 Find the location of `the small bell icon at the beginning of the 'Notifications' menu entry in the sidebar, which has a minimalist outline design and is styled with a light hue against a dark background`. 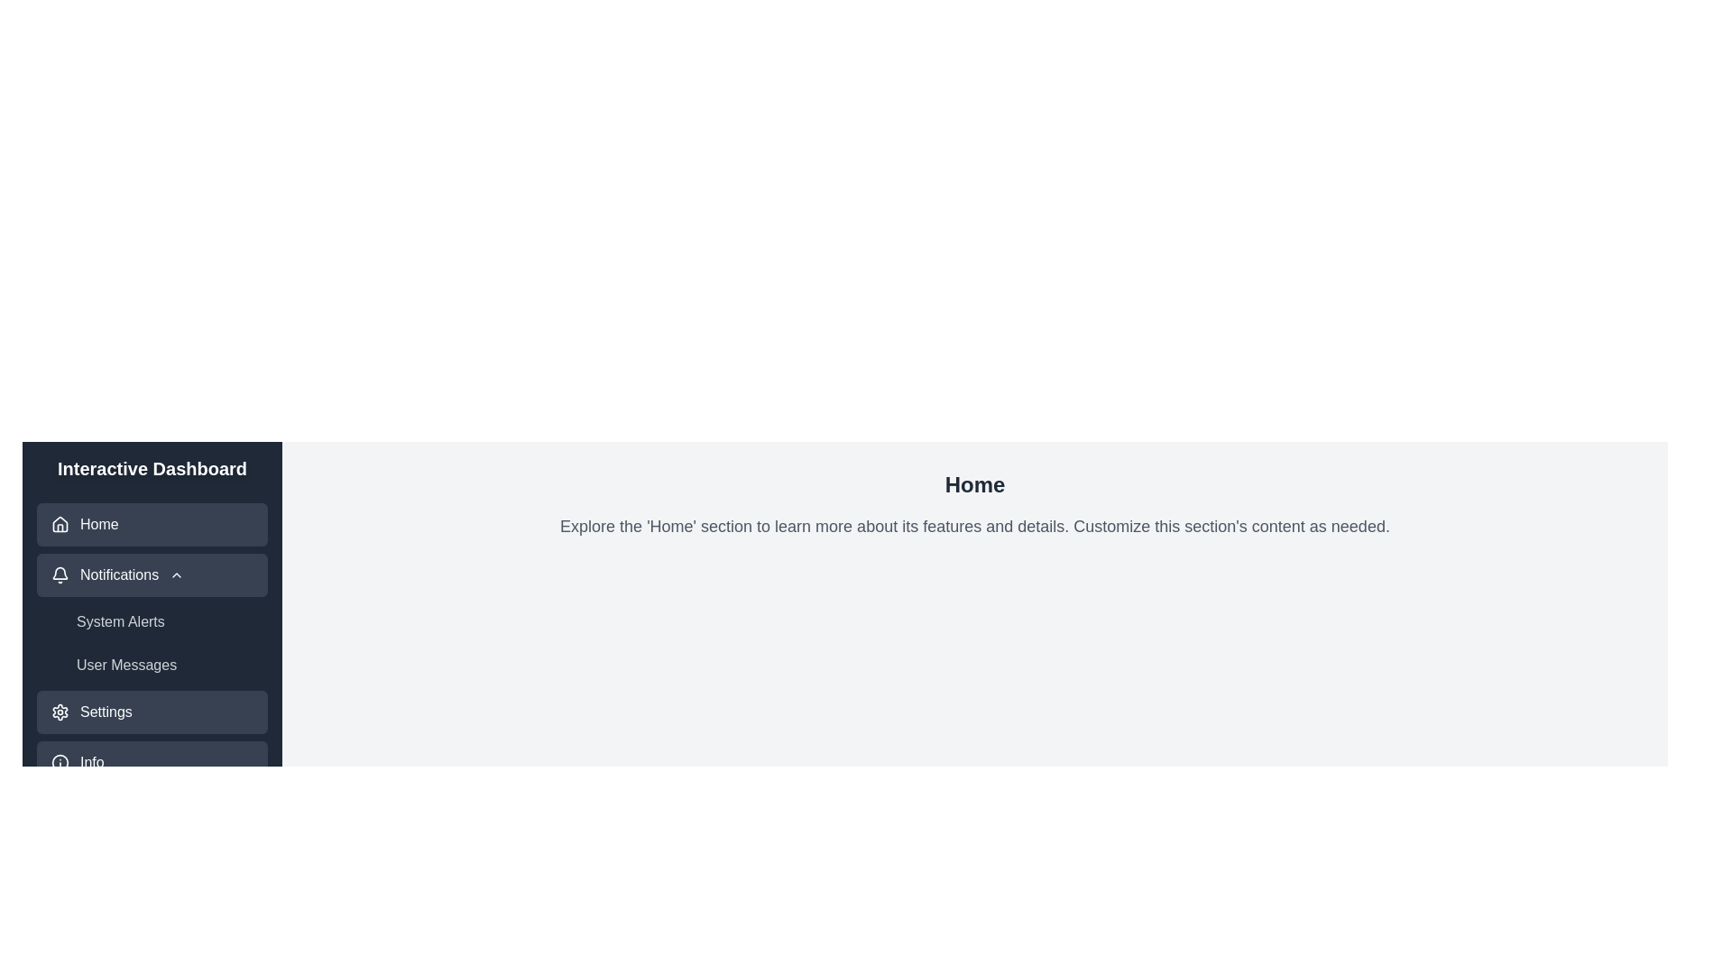

the small bell icon at the beginning of the 'Notifications' menu entry in the sidebar, which has a minimalist outline design and is styled with a light hue against a dark background is located at coordinates (60, 574).